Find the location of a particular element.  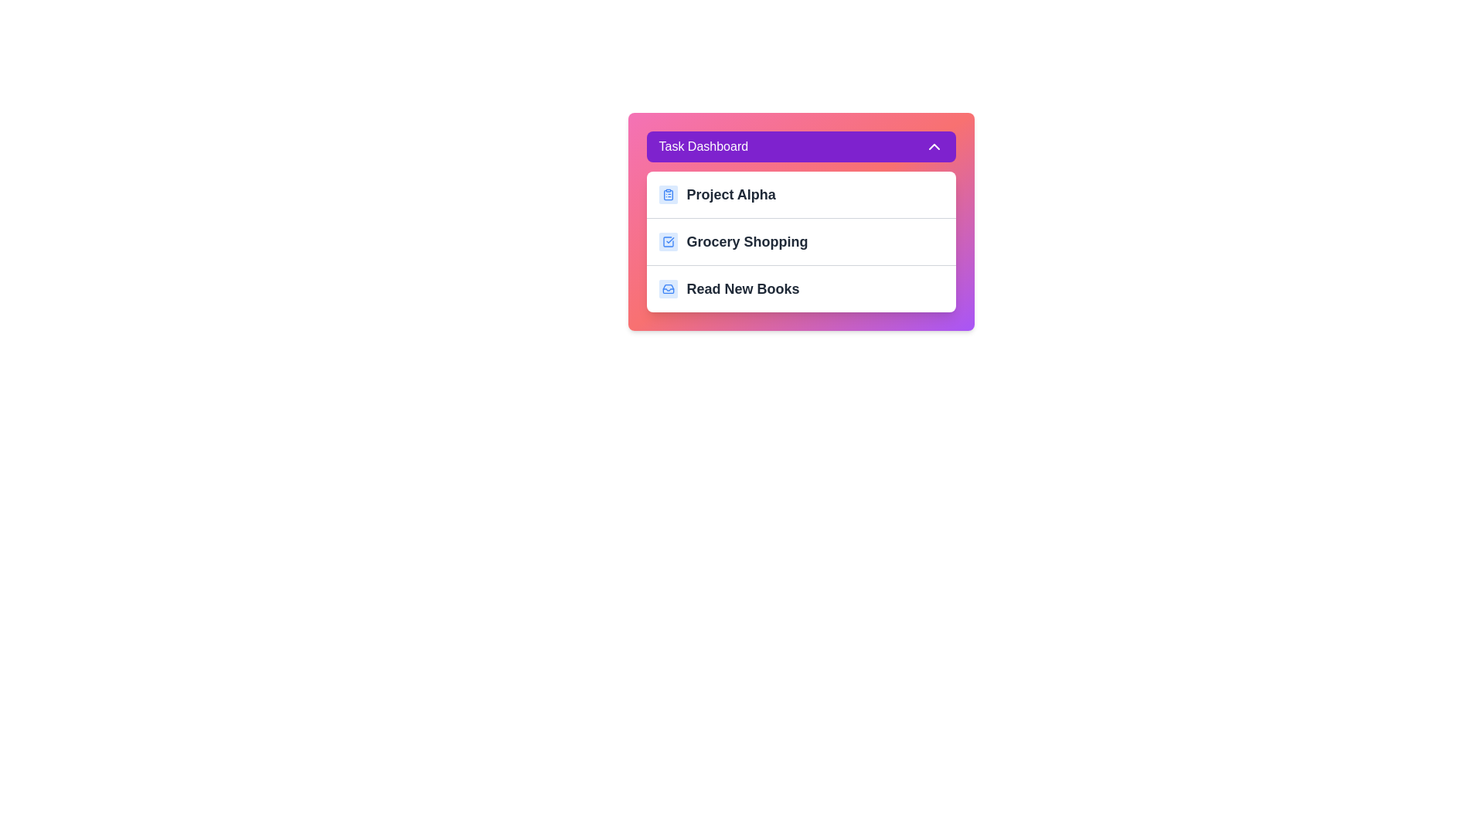

the decorative clipboard SVG element located near the top-left corner of the interface, which signifies tasks or notes is located at coordinates (668, 194).